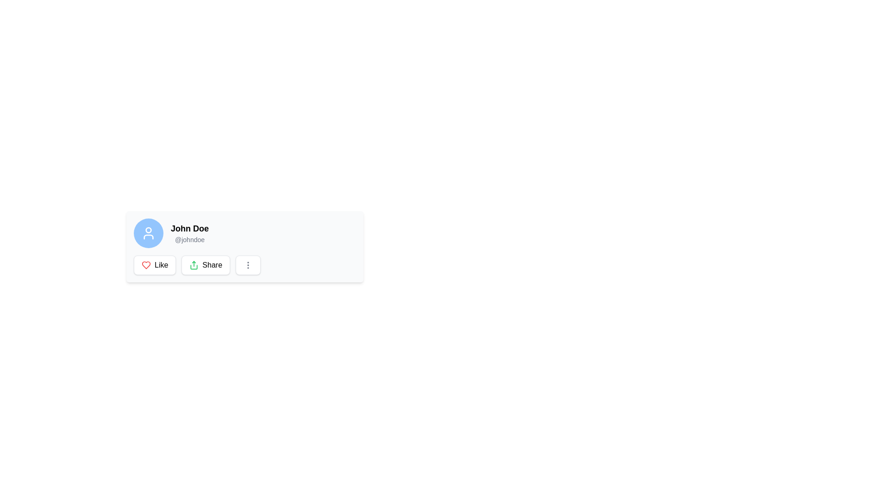 This screenshot has width=889, height=500. What do you see at coordinates (205, 265) in the screenshot?
I see `the 'Share' button with a green share icon, which is the second button in a group of three buttons near the bottom of a user information card` at bounding box center [205, 265].